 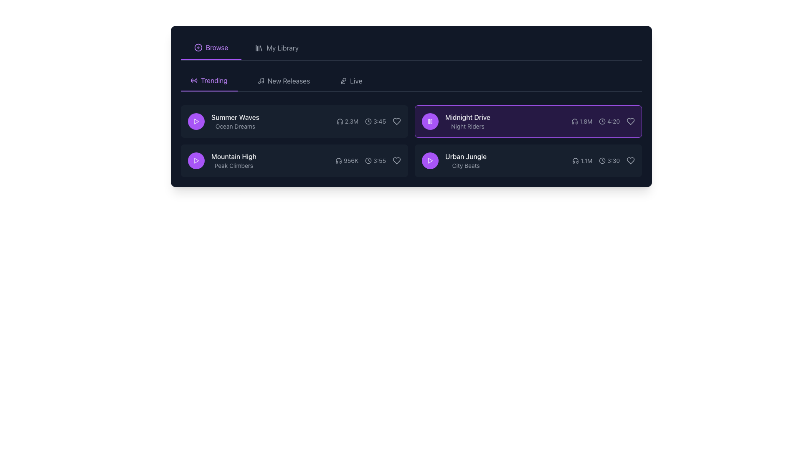 I want to click on the heart icon in the bottom right corner of the 'Midnight Drive' song card to mark it as a favorite, so click(x=631, y=121).